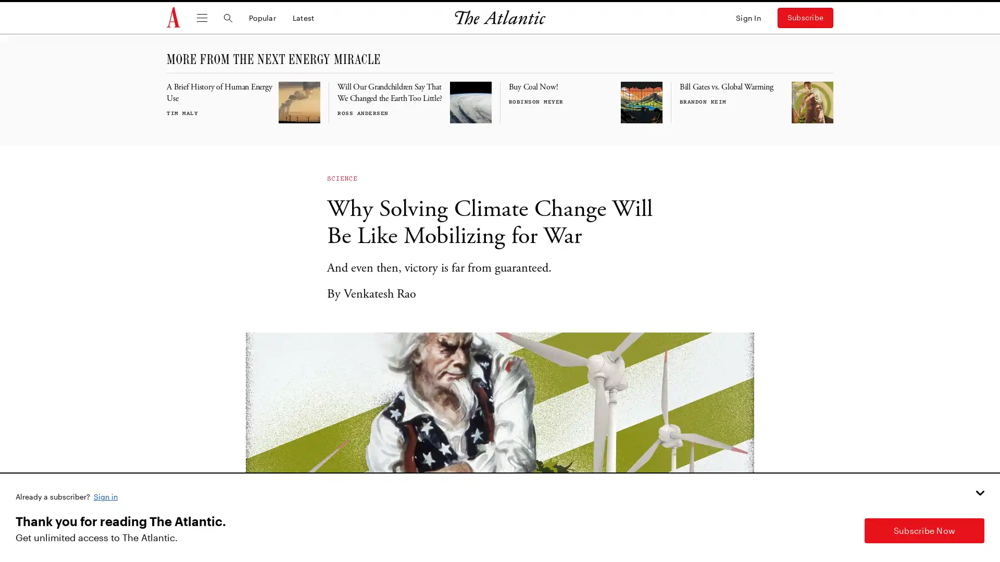 Image resolution: width=1000 pixels, height=562 pixels. I want to click on Search The Atlantic, so click(227, 18).